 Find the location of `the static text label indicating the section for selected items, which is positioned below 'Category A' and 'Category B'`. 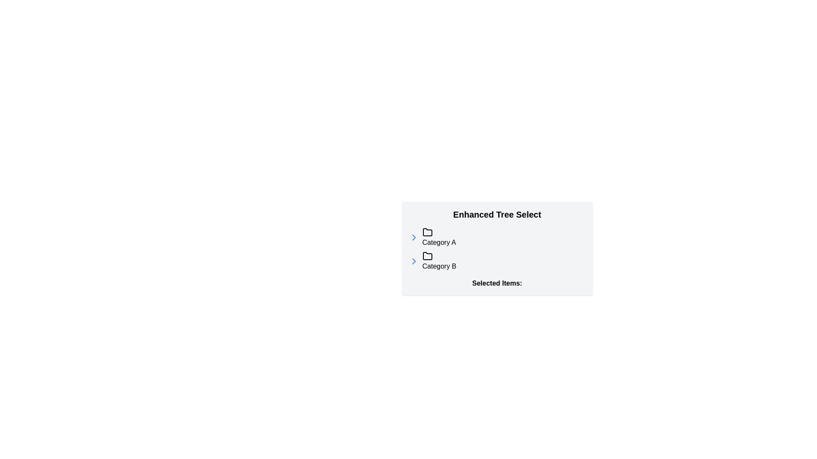

the static text label indicating the section for selected items, which is positioned below 'Category A' and 'Category B' is located at coordinates (497, 283).